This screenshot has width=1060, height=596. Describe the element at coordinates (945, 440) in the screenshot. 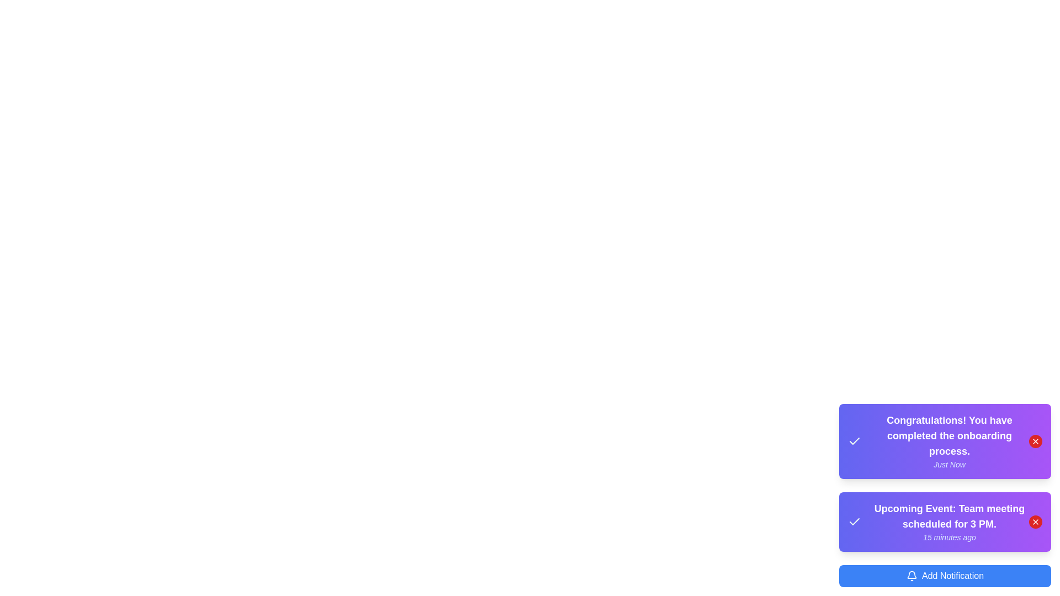

I see `the first notification to view its details` at that location.